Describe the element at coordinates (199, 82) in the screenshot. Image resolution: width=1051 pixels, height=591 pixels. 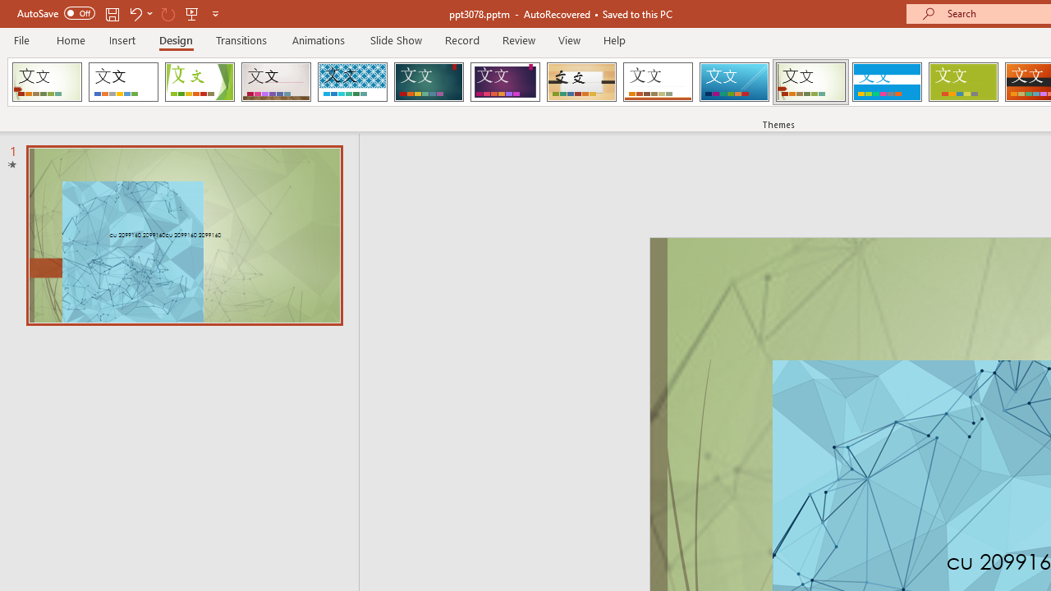
I see `'Facet'` at that location.